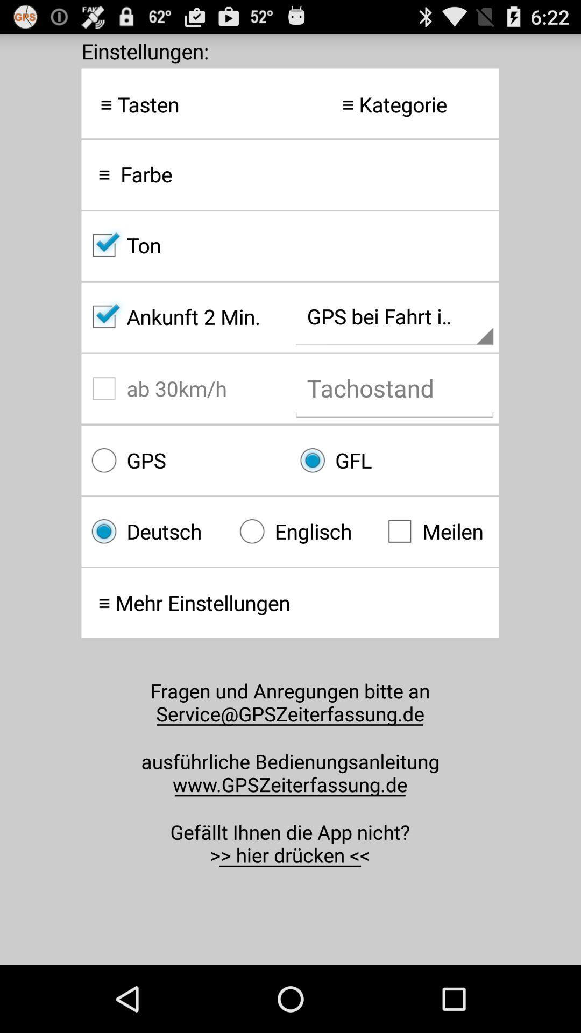 The height and width of the screenshot is (1033, 581). Describe the element at coordinates (289, 245) in the screenshot. I see `ton checkbox` at that location.